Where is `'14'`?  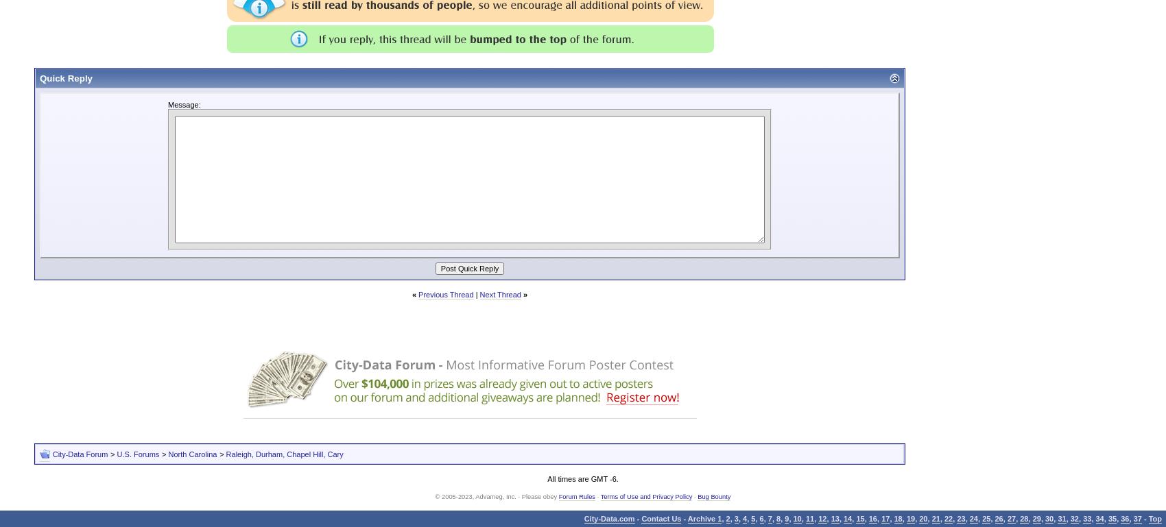
'14' is located at coordinates (847, 518).